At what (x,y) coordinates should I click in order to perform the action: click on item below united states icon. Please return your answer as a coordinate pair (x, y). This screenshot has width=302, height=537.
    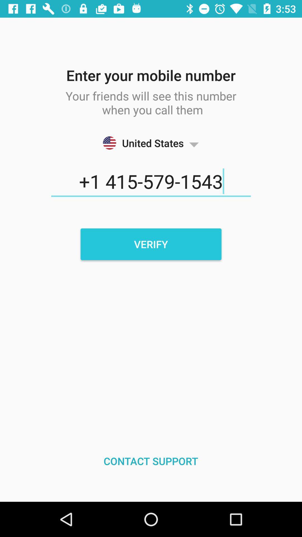
    Looking at the image, I should click on (151, 182).